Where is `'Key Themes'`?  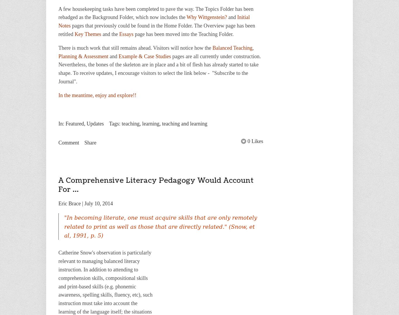
'Key Themes' is located at coordinates (88, 33).